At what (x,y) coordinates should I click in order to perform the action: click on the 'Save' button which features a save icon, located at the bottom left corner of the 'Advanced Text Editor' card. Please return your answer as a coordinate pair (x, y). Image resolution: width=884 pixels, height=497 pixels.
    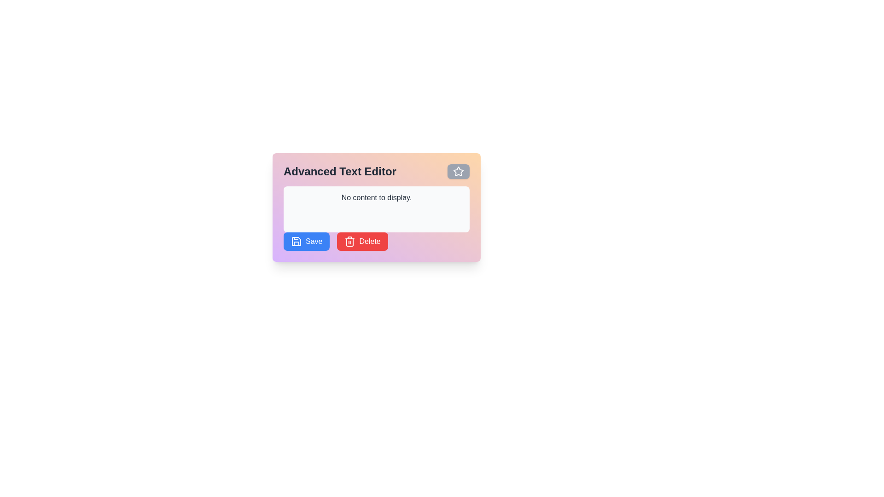
    Looking at the image, I should click on (296, 241).